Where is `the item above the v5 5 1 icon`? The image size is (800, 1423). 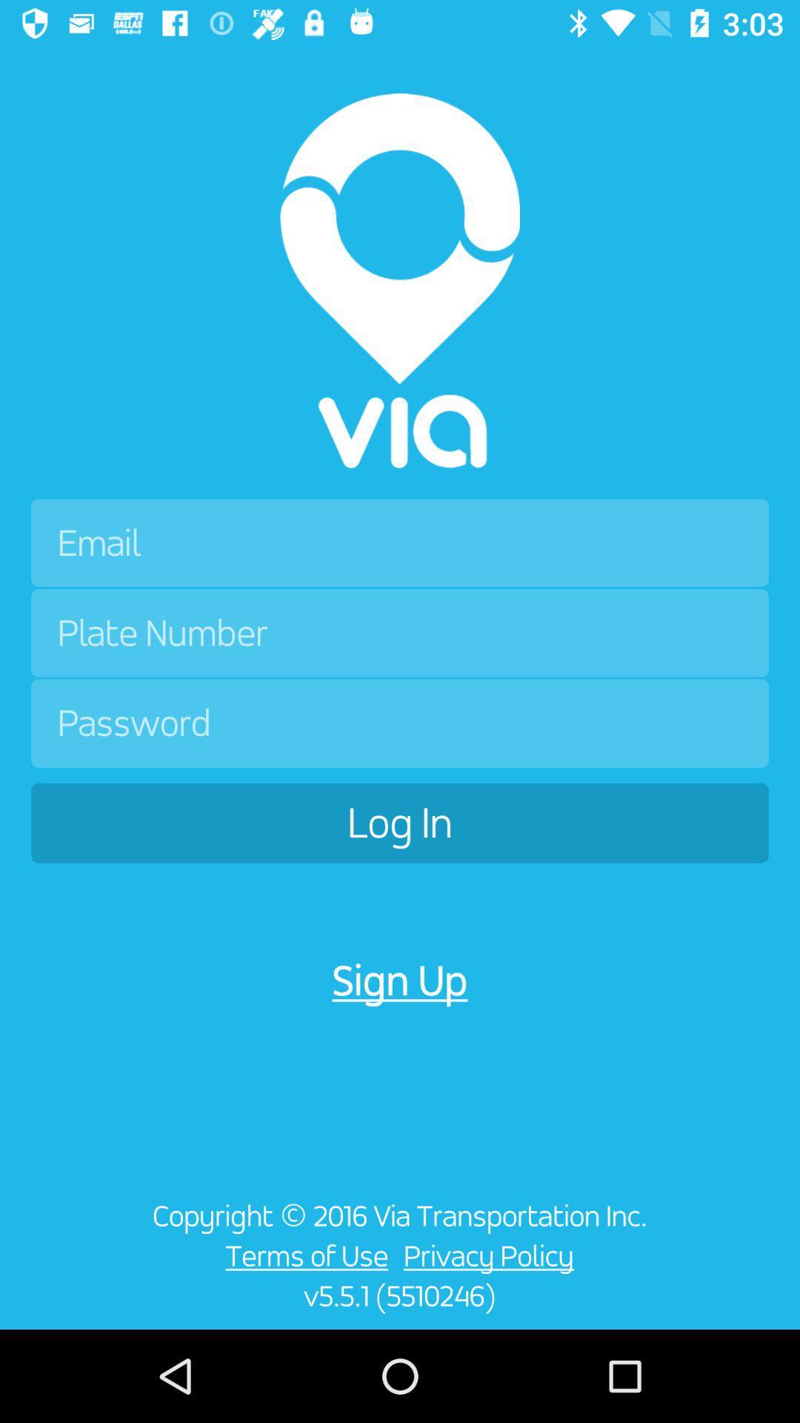
the item above the v5 5 1 icon is located at coordinates (493, 1255).